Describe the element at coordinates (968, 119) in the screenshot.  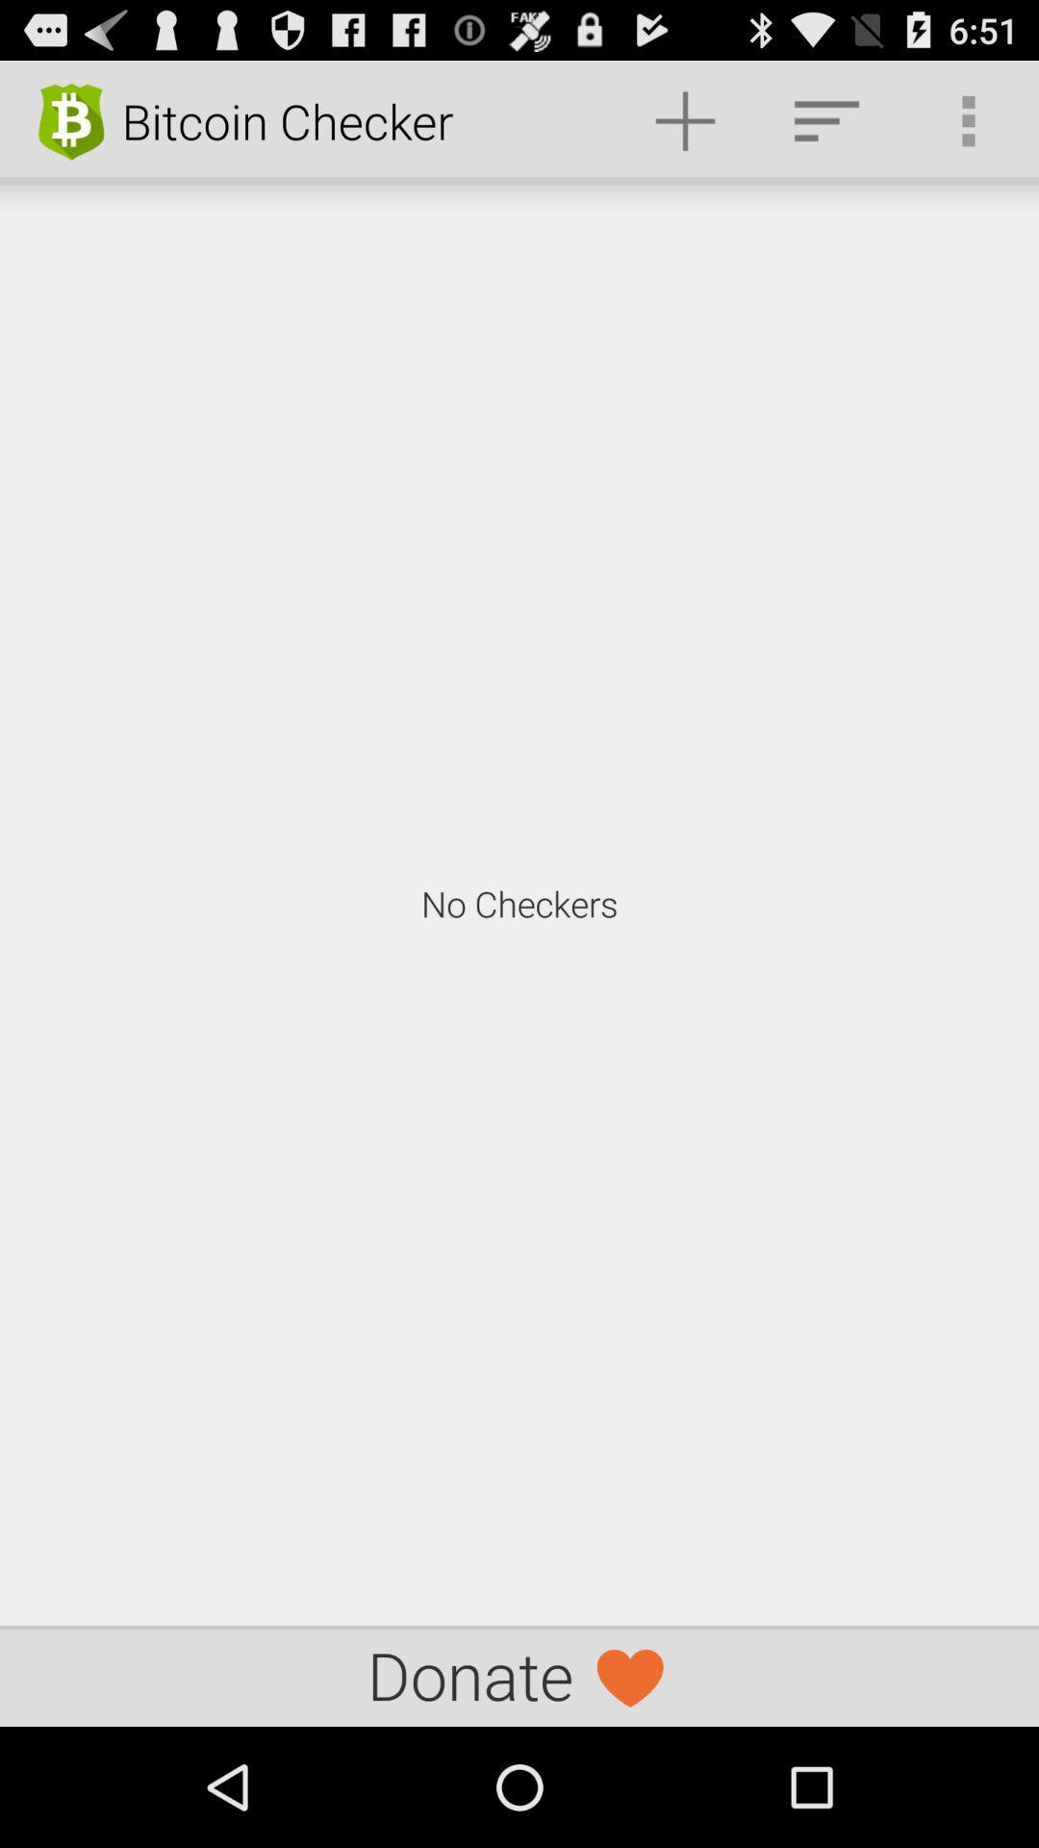
I see `icon above no checkers icon` at that location.